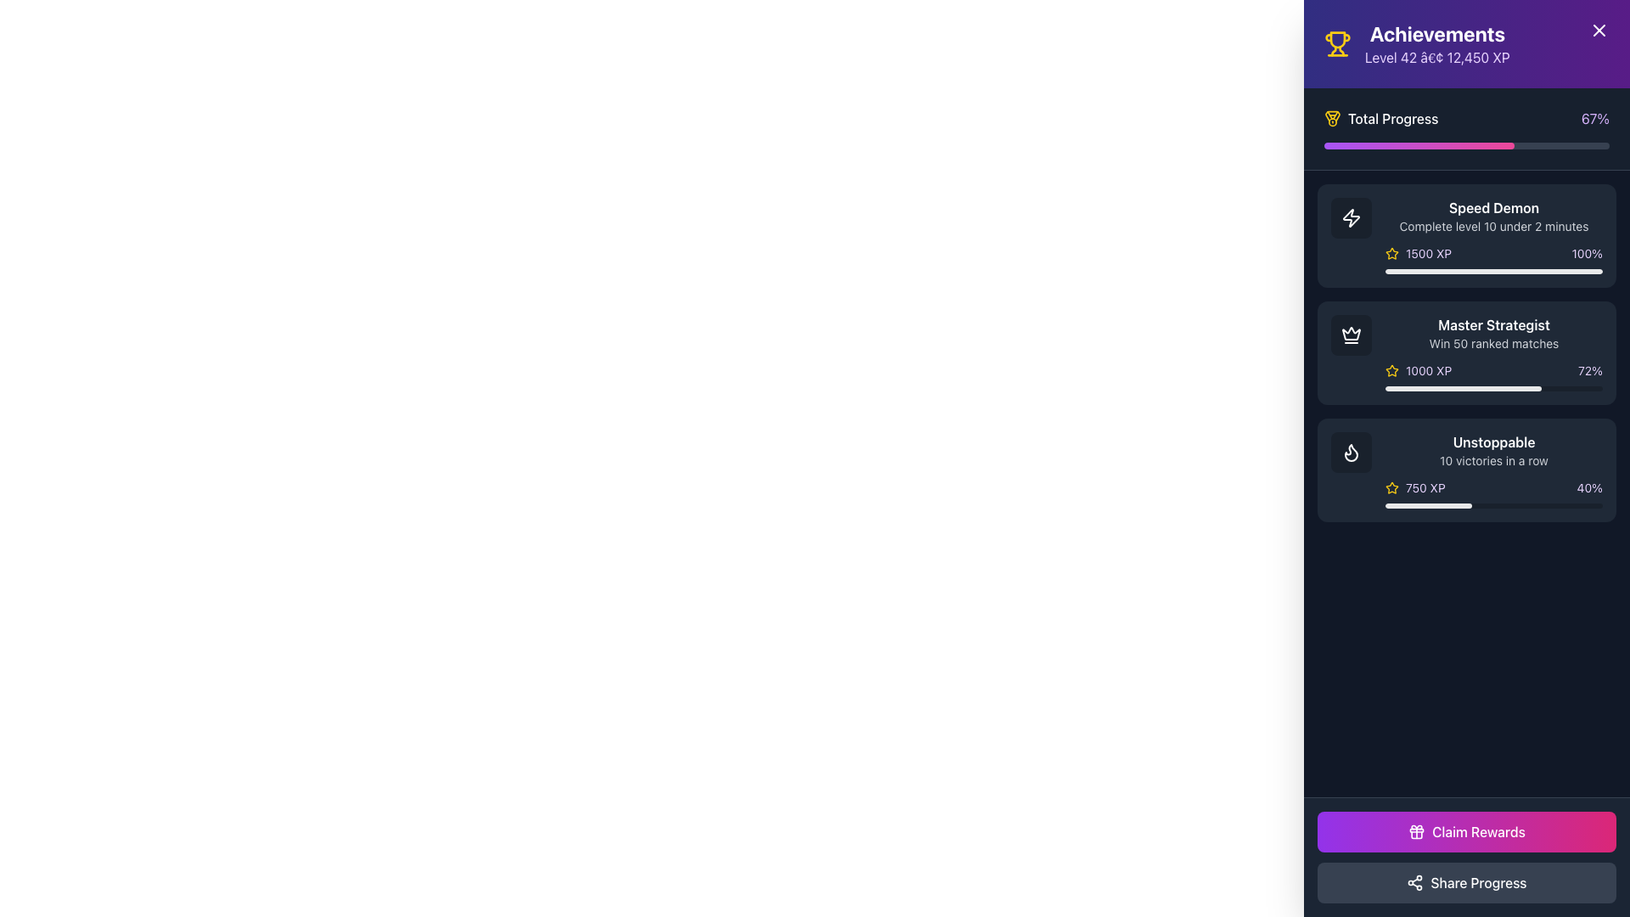 This screenshot has width=1630, height=917. Describe the element at coordinates (1331, 115) in the screenshot. I see `the achievement icon located in the 'Achievements' panel, adjacent to the 'Total Progress' text` at that location.